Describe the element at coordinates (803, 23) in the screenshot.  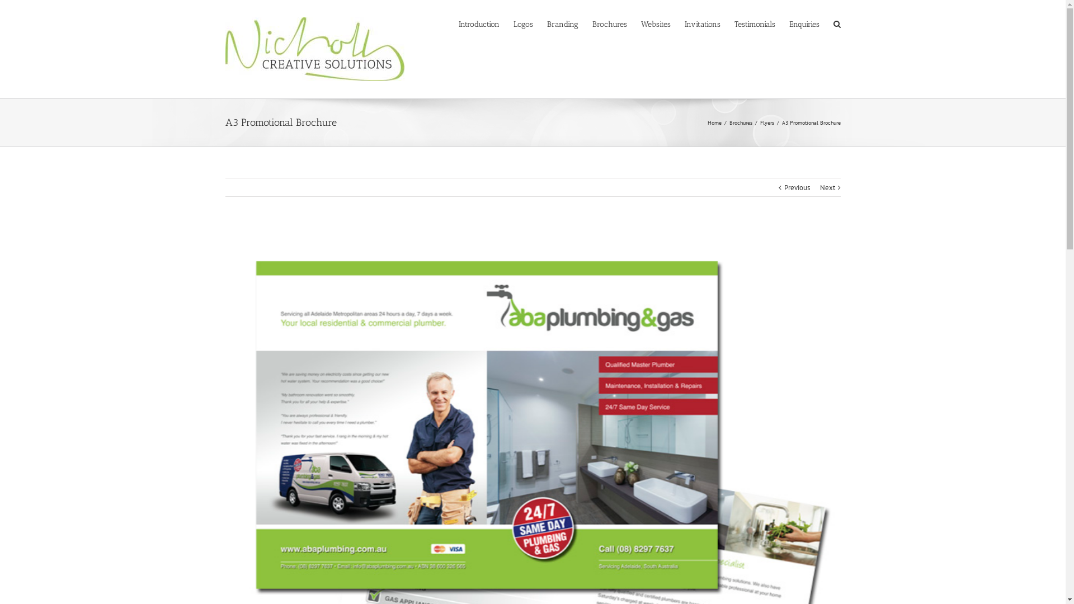
I see `'Enquiries'` at that location.